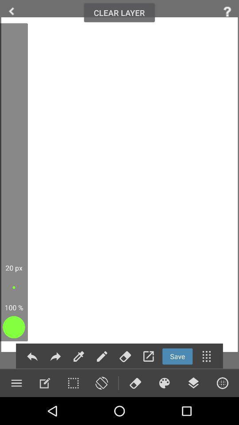 The image size is (239, 425). I want to click on open menu, so click(206, 356).